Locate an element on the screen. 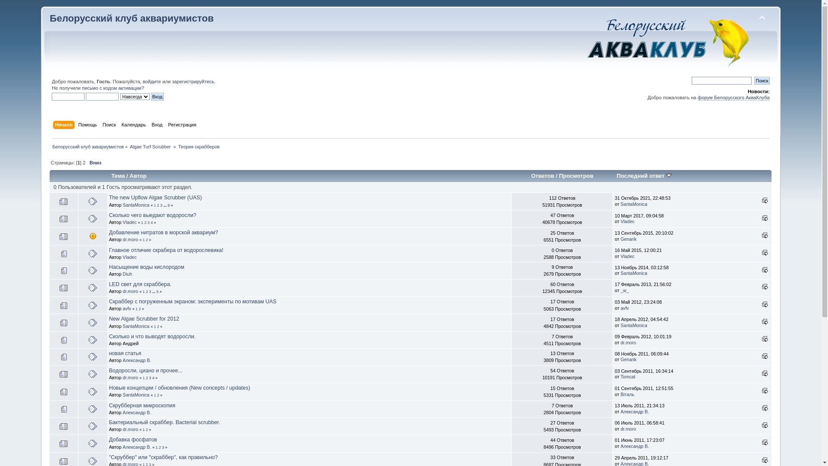 The width and height of the screenshot is (828, 466). 'SantaMonica' is located at coordinates (136, 394).